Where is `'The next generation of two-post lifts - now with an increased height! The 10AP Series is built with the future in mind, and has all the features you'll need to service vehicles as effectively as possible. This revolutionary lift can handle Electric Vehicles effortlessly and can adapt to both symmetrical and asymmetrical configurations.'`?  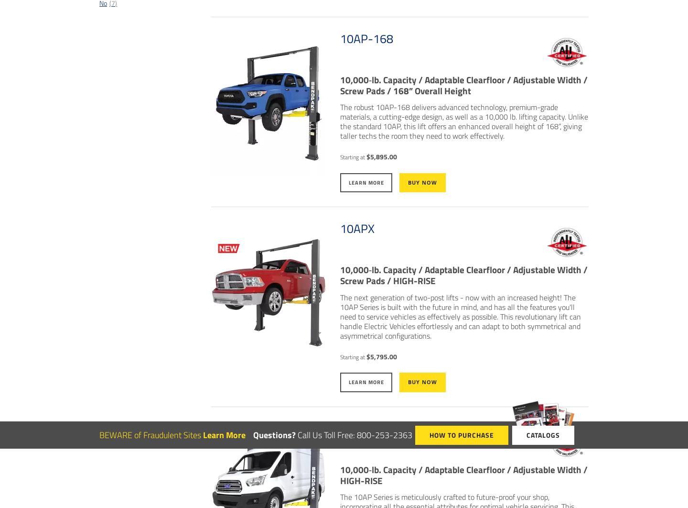
'The next generation of two-post lifts - now with an increased height! The 10AP Series is built with the future in mind, and has all the features you'll need to service vehicles as effectively as possible. This revolutionary lift can handle Electric Vehicles effortlessly and can adapt to both symmetrical and asymmetrical configurations.' is located at coordinates (459, 316).